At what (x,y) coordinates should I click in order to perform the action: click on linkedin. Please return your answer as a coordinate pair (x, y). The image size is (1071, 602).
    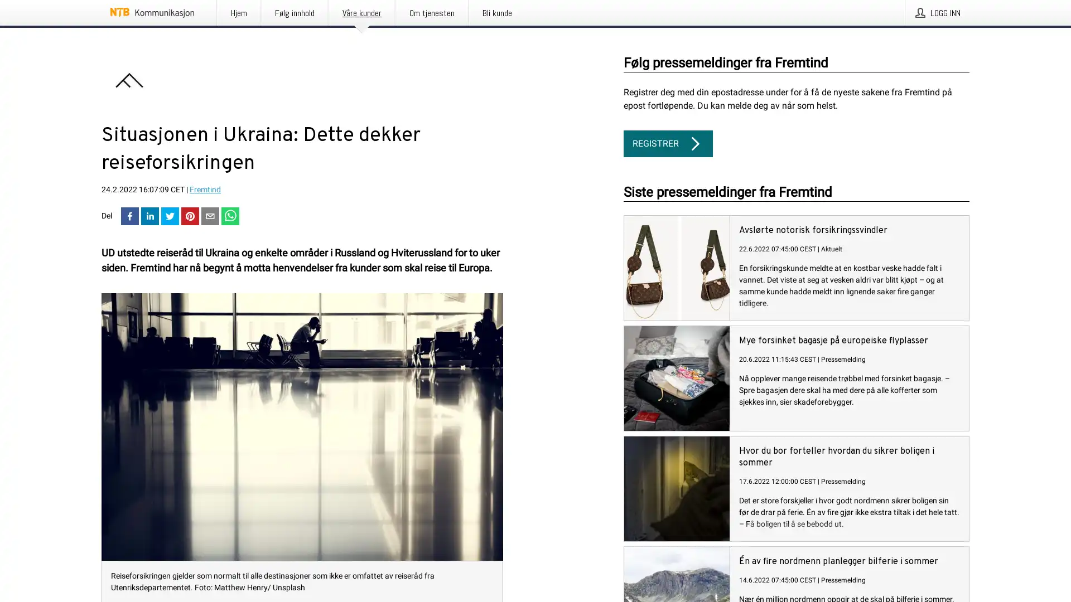
    Looking at the image, I should click on (149, 217).